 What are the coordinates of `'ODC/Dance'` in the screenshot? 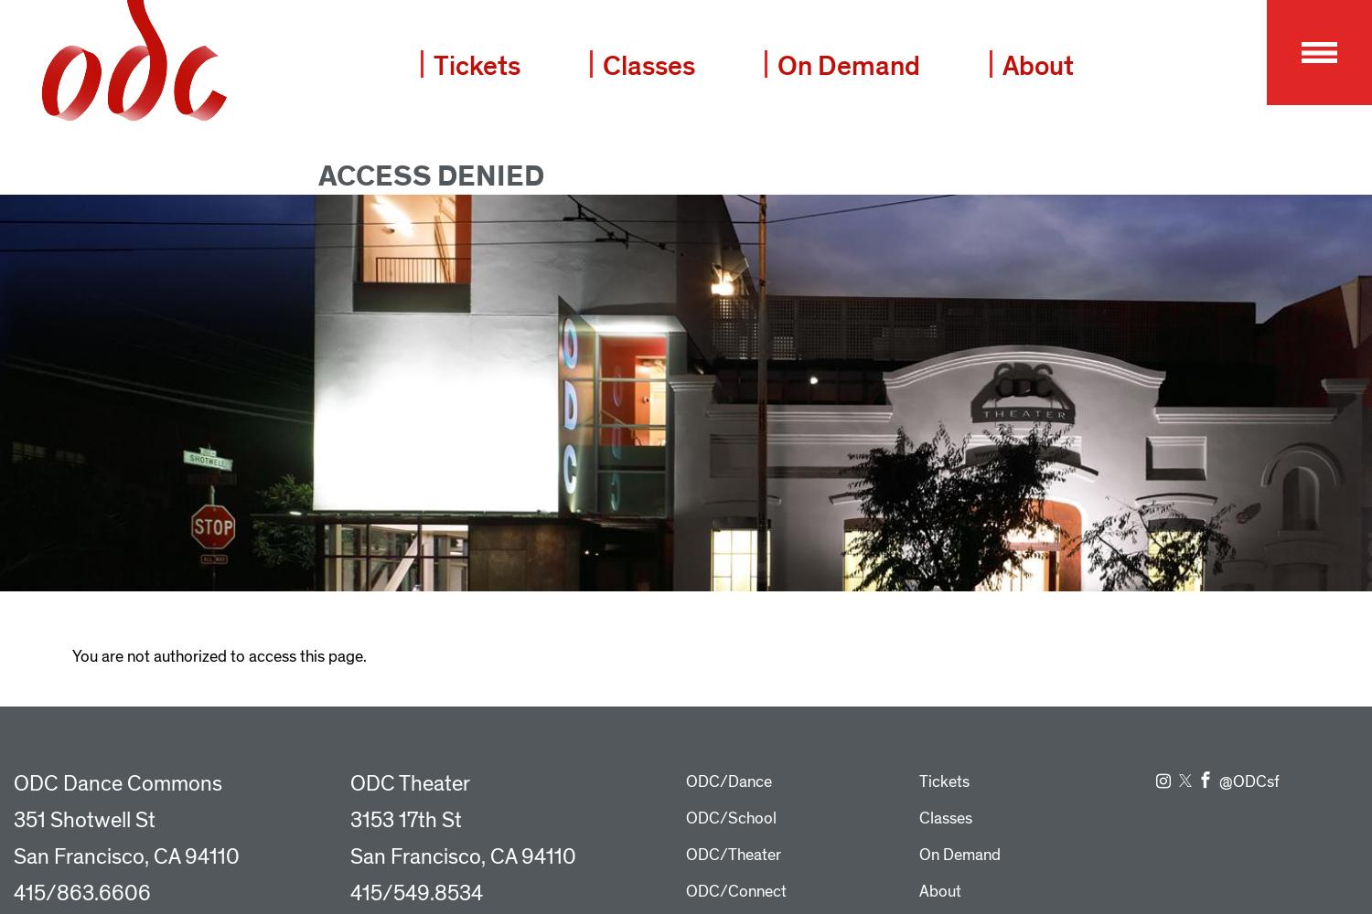 It's located at (728, 780).